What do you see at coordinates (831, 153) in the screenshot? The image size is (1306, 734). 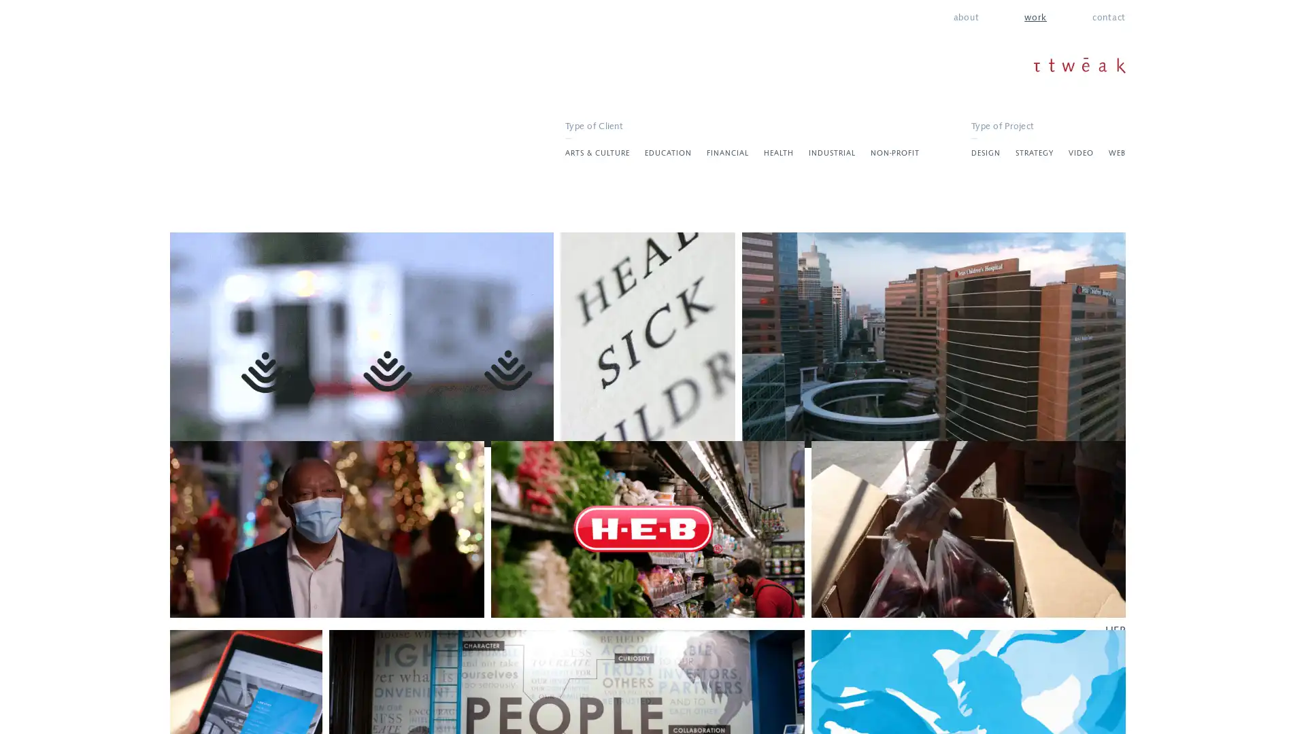 I see `INDUSTRIAL` at bounding box center [831, 153].